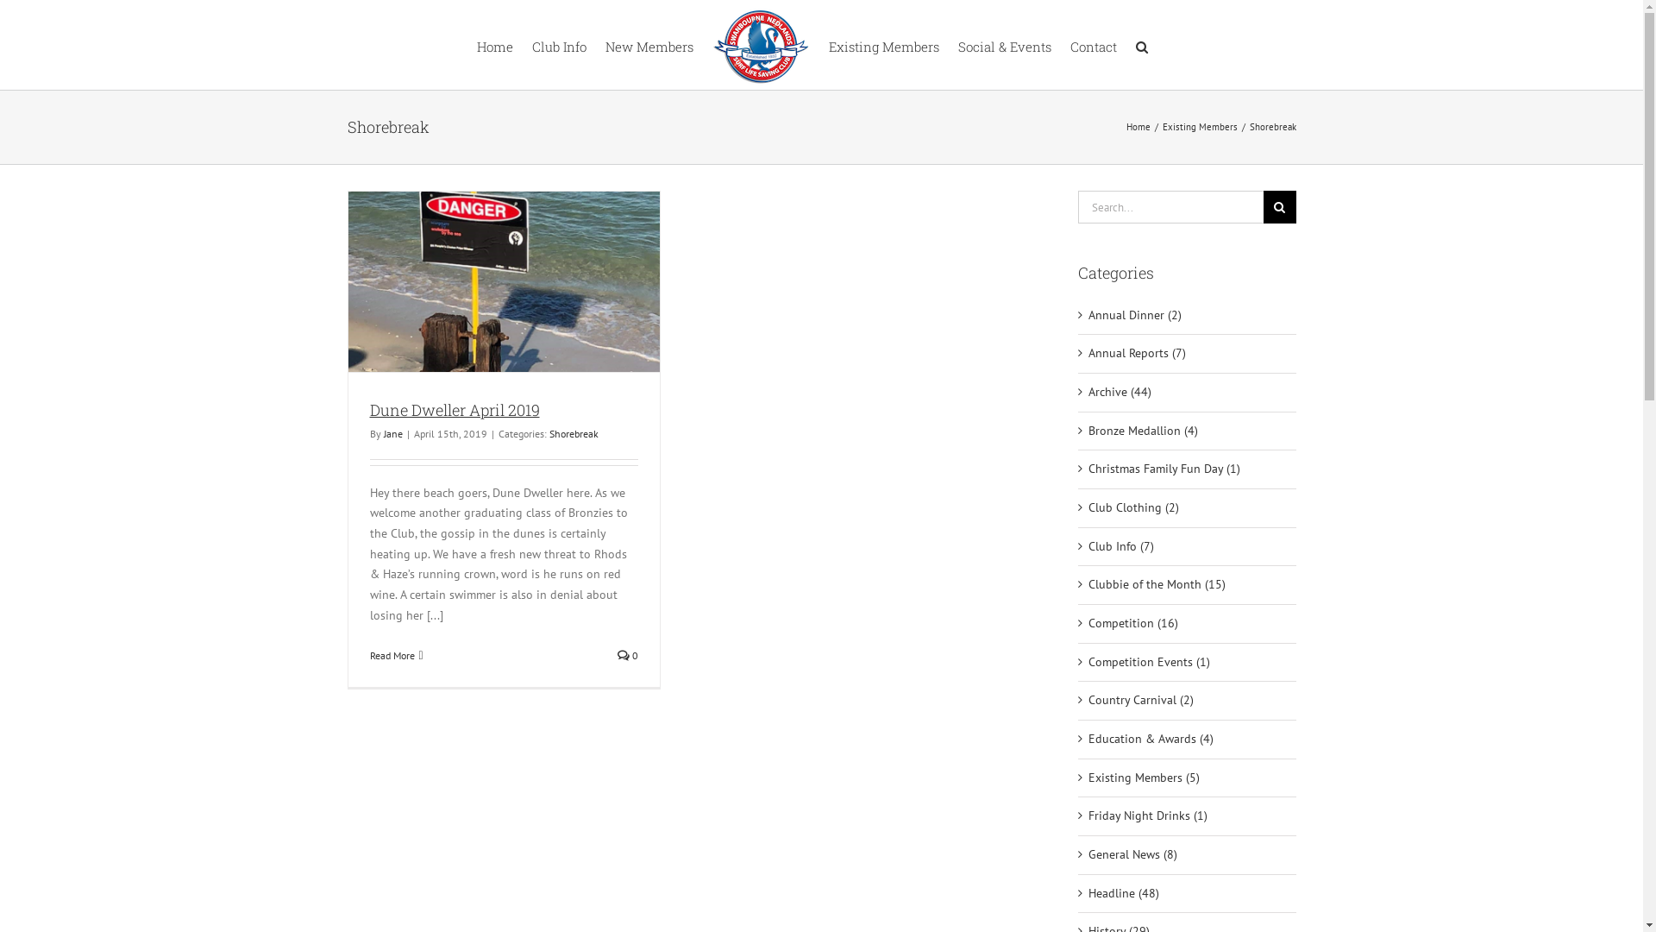 The height and width of the screenshot is (932, 1656). Describe the element at coordinates (1187, 855) in the screenshot. I see `'General News (8)'` at that location.